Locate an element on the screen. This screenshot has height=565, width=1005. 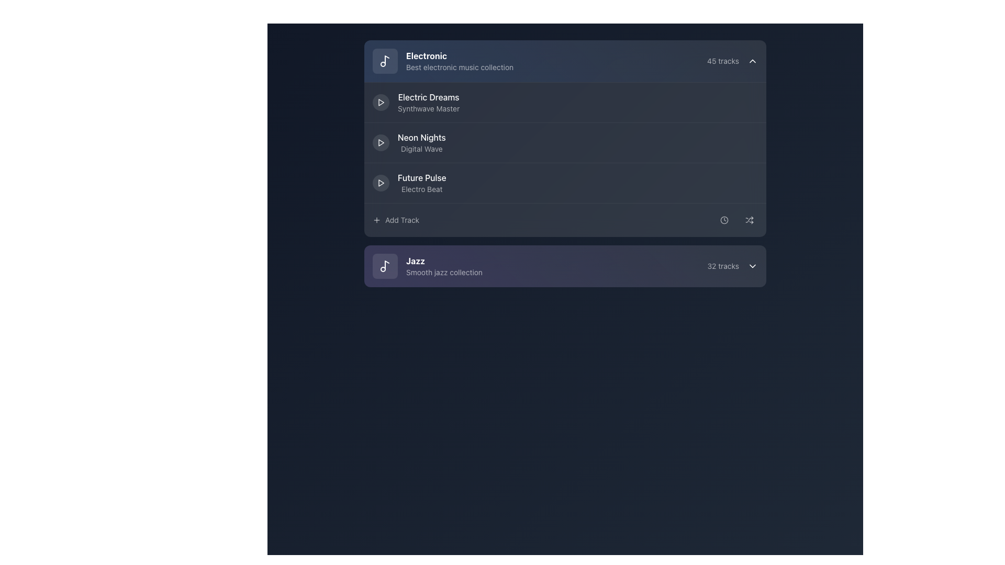
the 'Add New Track' text label located at the bottom of the 'Electronic' music collection list, adjacent to the '+' icon is located at coordinates (401, 219).